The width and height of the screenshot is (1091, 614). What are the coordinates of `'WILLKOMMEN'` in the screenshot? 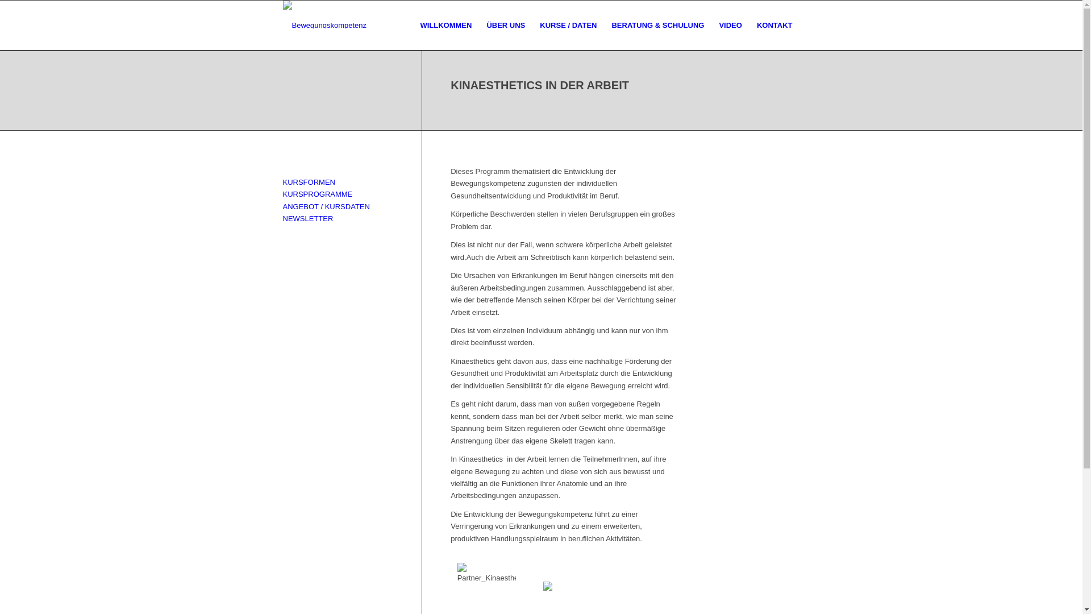 It's located at (411, 26).